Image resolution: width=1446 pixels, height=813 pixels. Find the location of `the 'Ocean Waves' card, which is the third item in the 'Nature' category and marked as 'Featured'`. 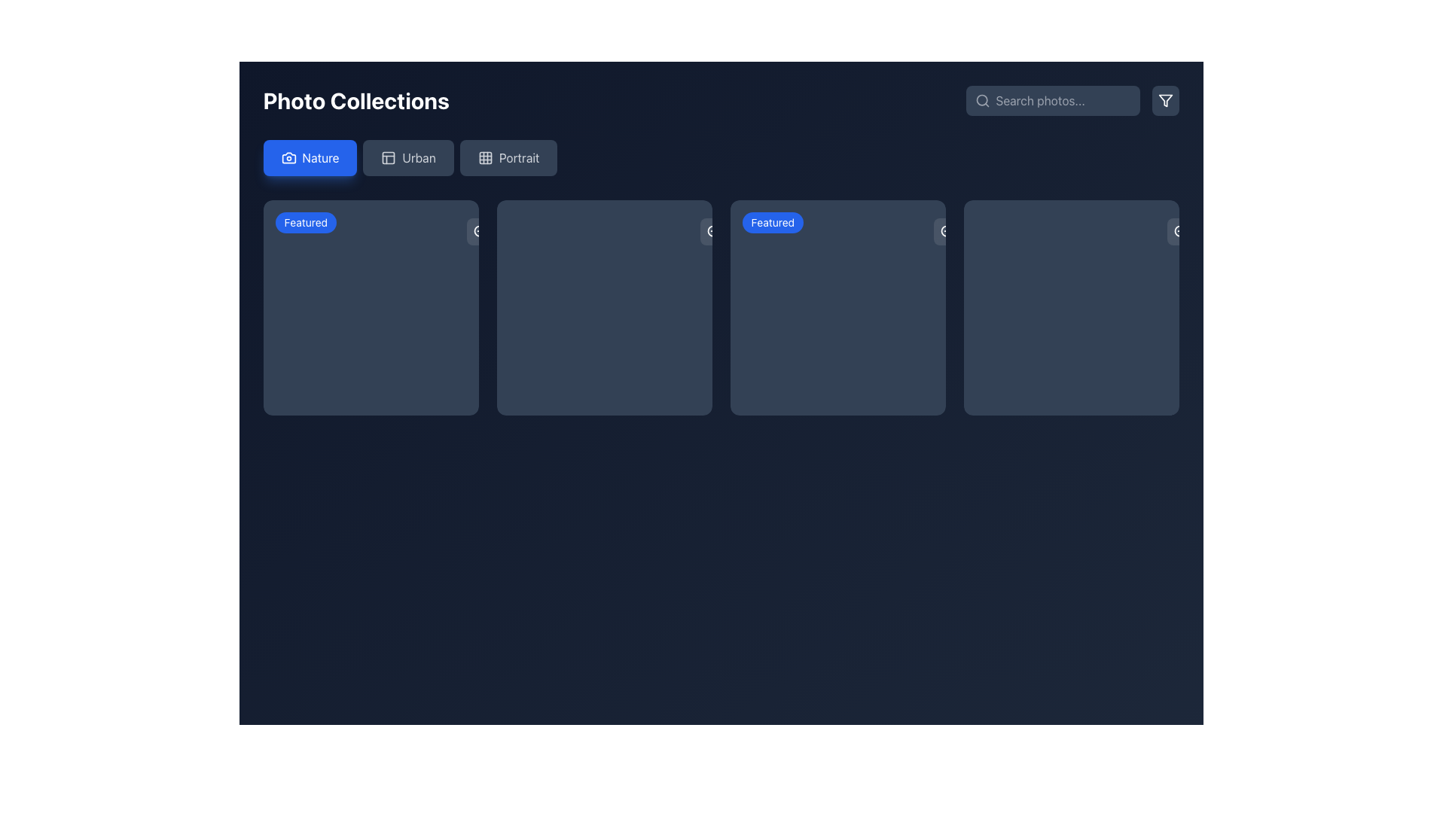

the 'Ocean Waves' card, which is the third item in the 'Nature' category and marked as 'Featured' is located at coordinates (837, 306).